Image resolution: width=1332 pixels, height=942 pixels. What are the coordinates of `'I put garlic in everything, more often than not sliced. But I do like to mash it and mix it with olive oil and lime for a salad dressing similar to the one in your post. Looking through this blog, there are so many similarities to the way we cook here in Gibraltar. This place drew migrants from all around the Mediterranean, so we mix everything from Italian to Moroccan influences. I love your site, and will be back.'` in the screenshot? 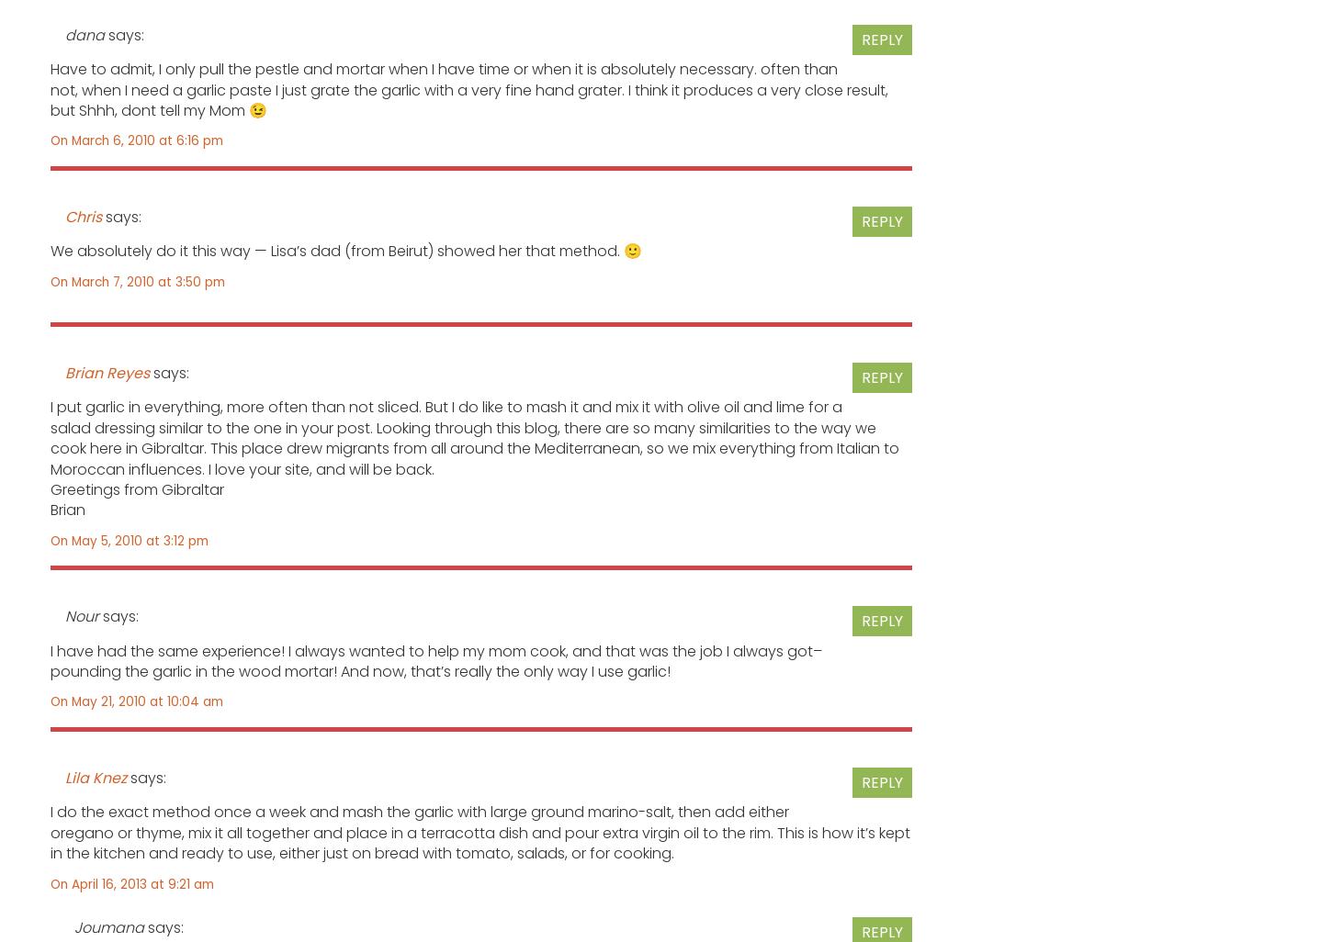 It's located at (50, 436).